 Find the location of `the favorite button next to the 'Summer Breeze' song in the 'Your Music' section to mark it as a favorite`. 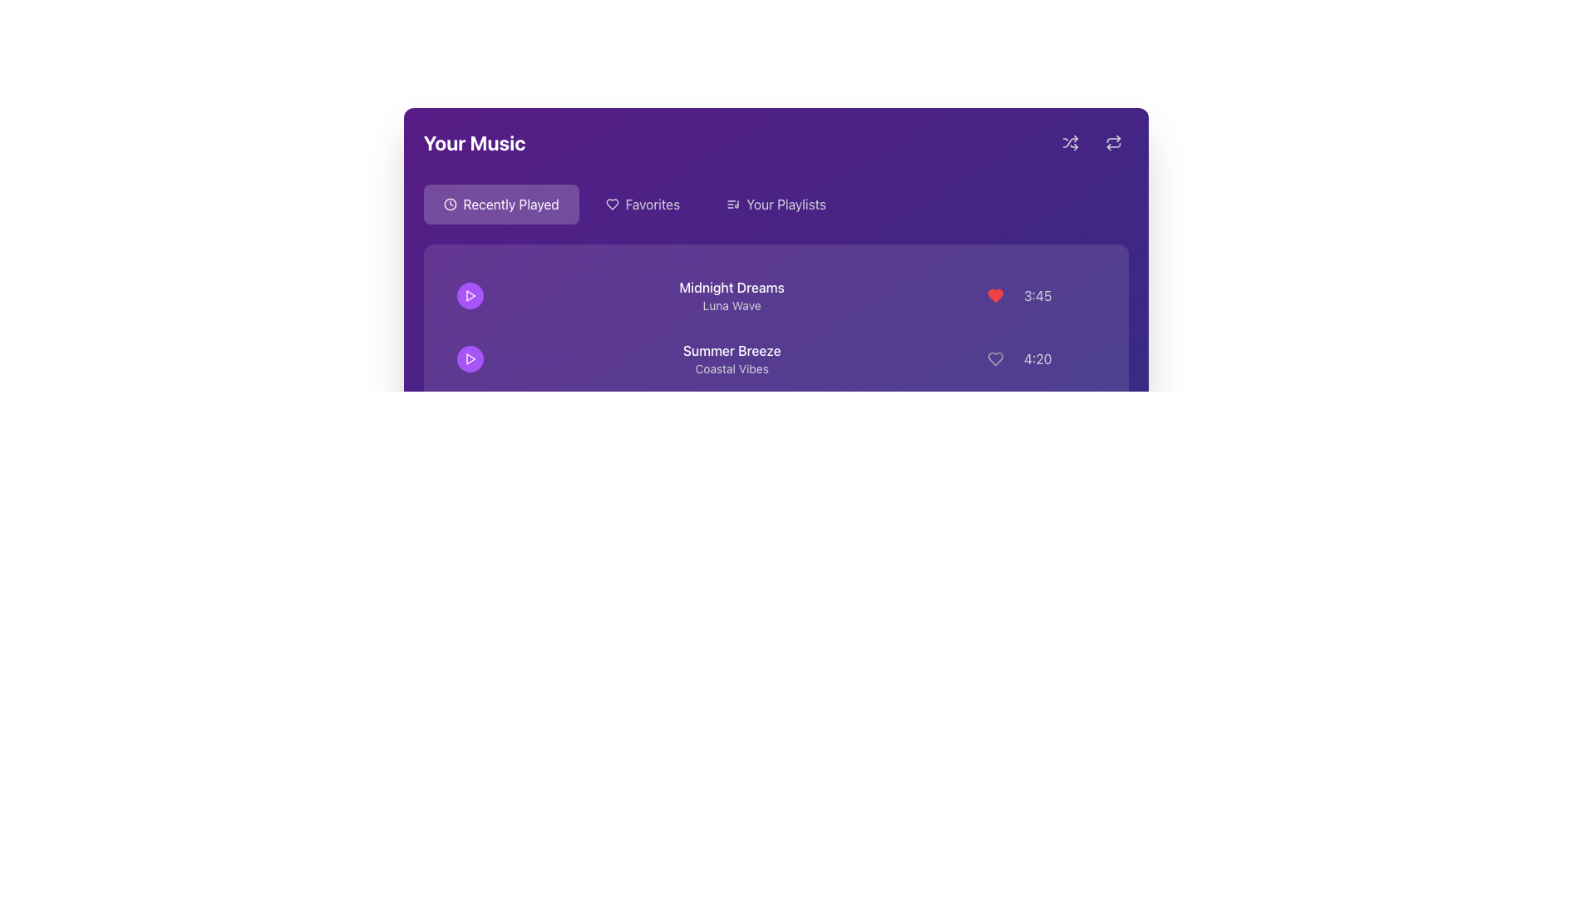

the favorite button next to the 'Summer Breeze' song in the 'Your Music' section to mark it as a favorite is located at coordinates (995, 358).